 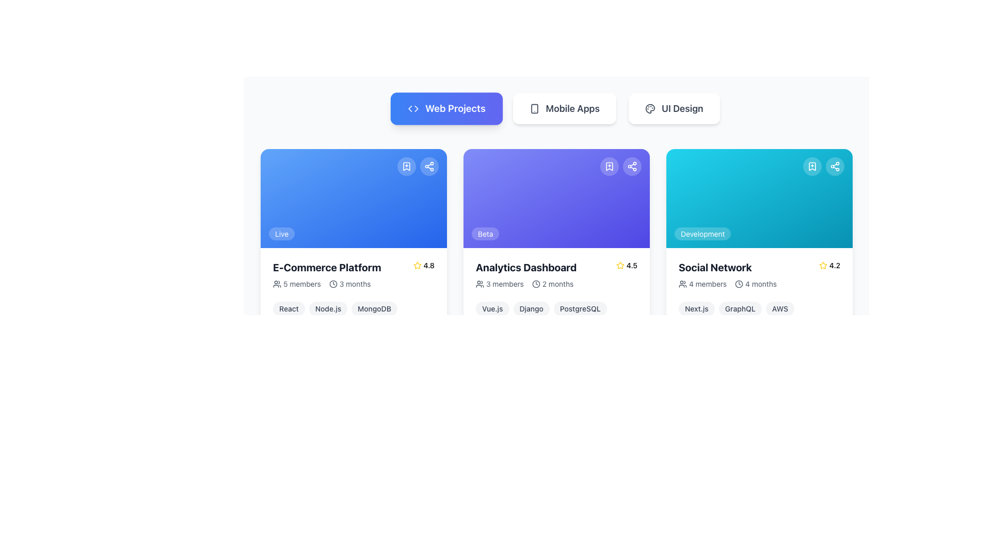 I want to click on the status indicator label for the active project located above the title 'E-Commerce Platform' in the first card of the grid layout, so click(x=282, y=234).